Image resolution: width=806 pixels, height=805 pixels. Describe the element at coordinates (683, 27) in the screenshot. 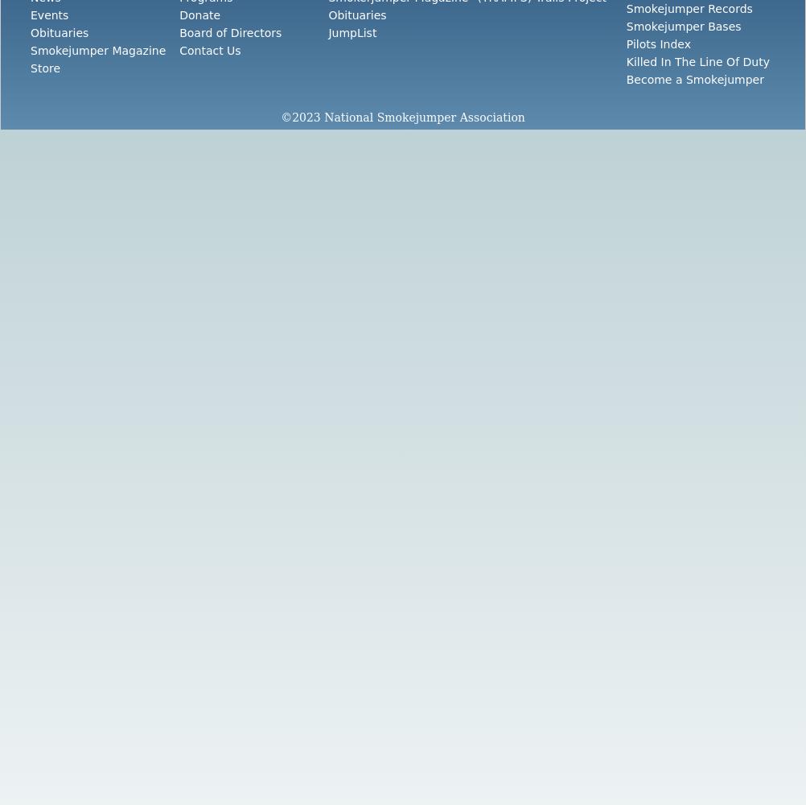

I see `'Smokejumper Bases'` at that location.